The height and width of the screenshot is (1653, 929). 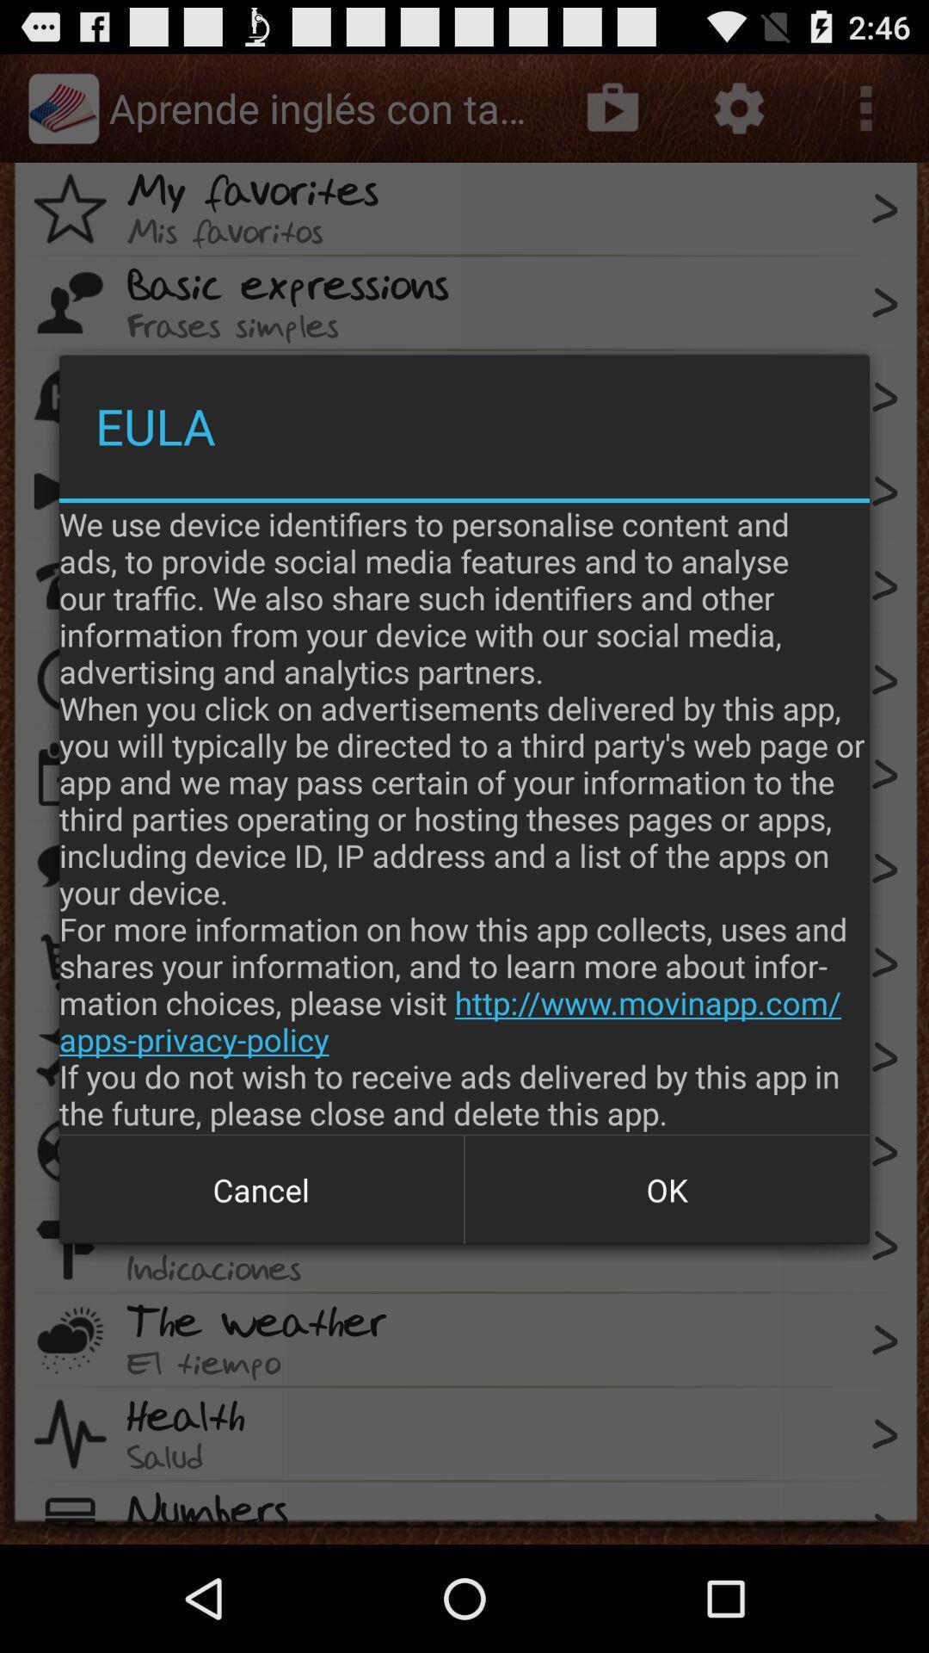 I want to click on cancel, so click(x=261, y=1189).